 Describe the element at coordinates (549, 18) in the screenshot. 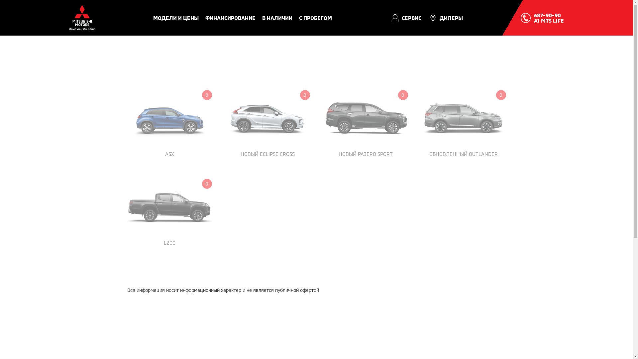

I see `'687-90-90` at that location.